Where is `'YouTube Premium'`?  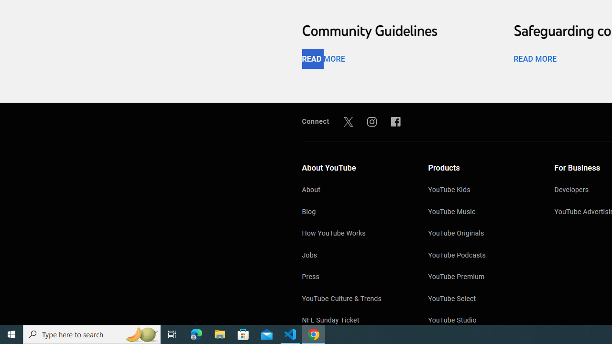 'YouTube Premium' is located at coordinates (481, 278).